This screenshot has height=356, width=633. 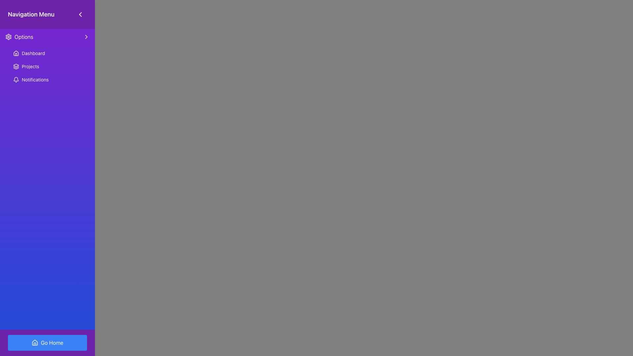 I want to click on the text label in the vertical navigation menu under 'Options', so click(x=35, y=79).